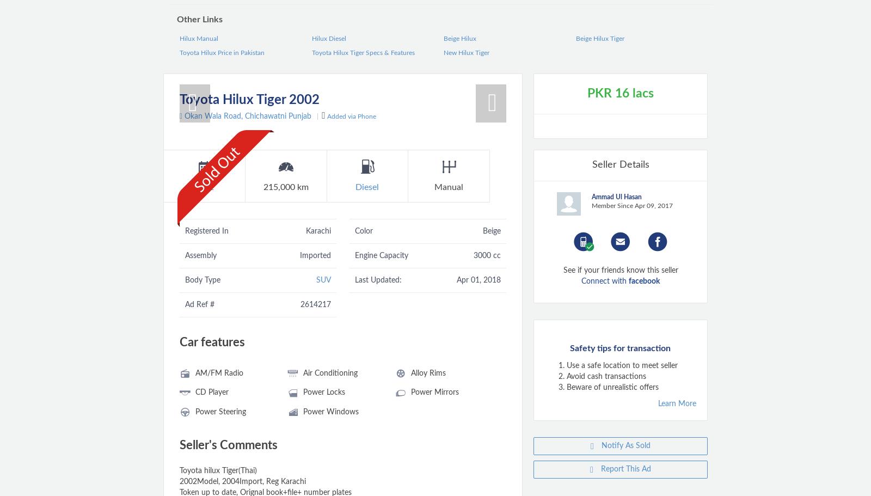 The width and height of the screenshot is (871, 496). Describe the element at coordinates (200, 254) in the screenshot. I see `'Assembly'` at that location.